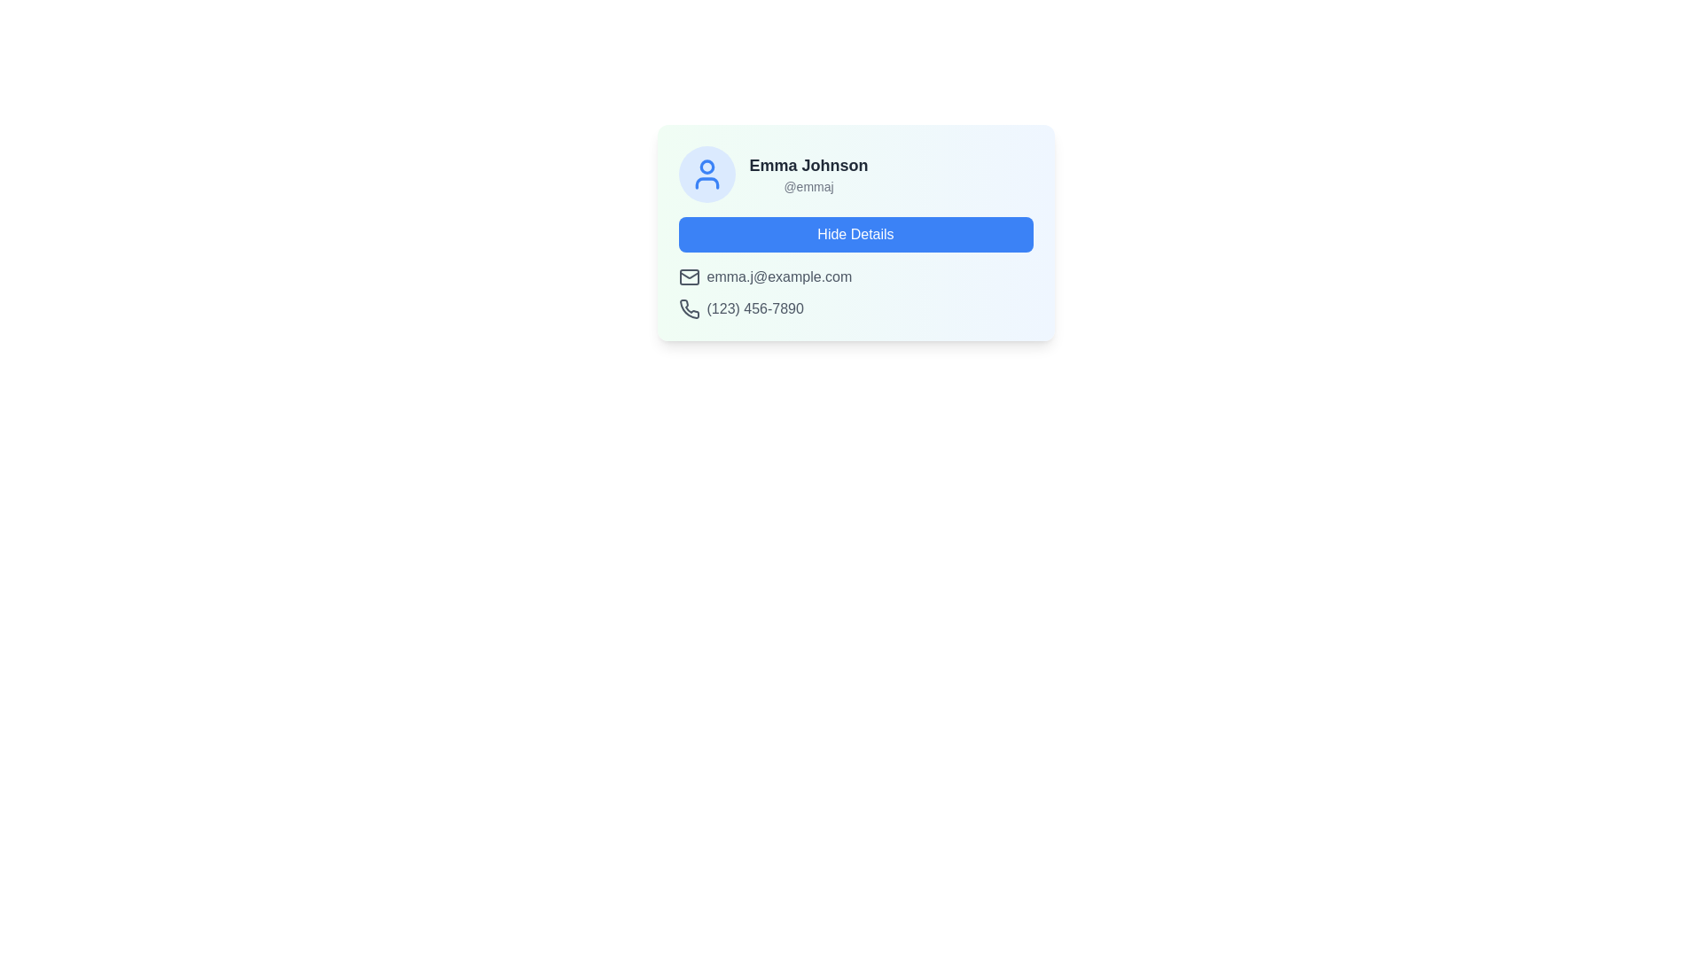  Describe the element at coordinates (808, 165) in the screenshot. I see `the static text displaying the name of the individual associated with the card, located at the center-top section of the card layout` at that location.